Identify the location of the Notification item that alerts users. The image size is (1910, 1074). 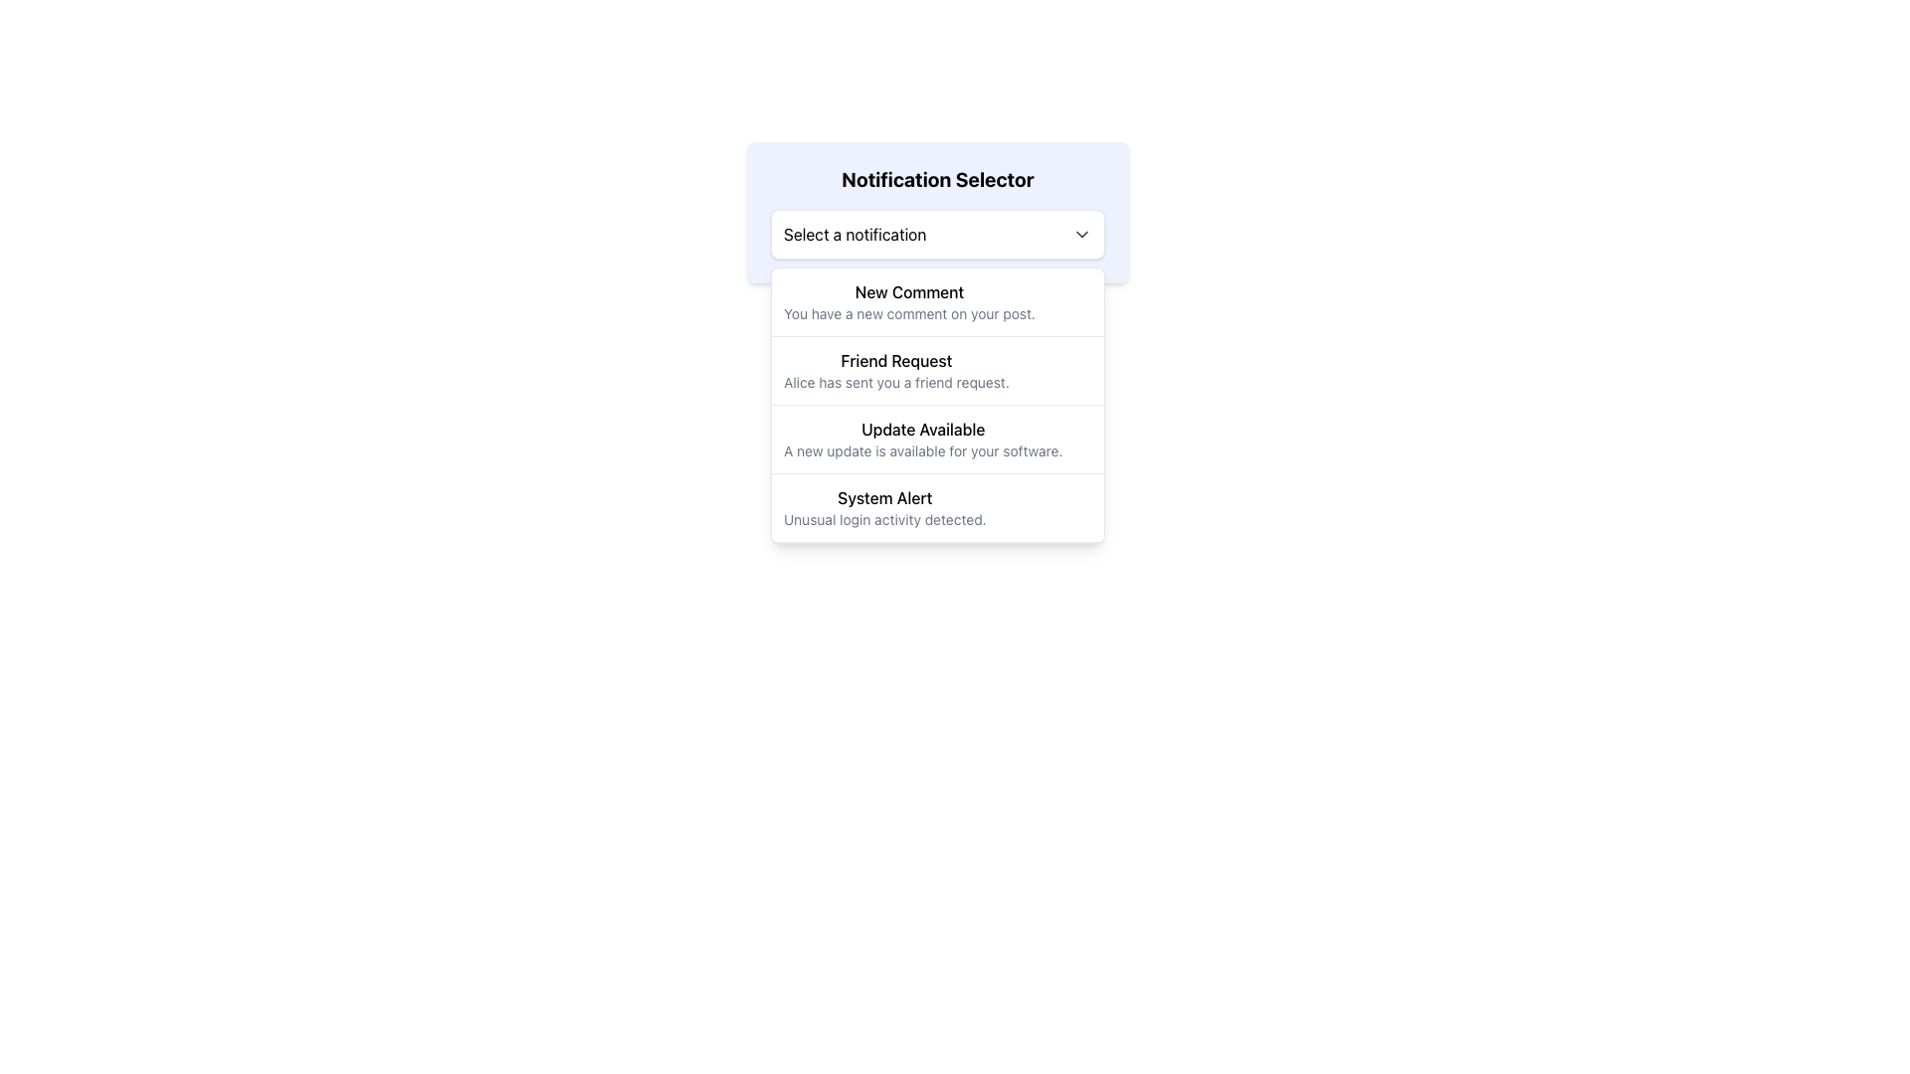
(936, 506).